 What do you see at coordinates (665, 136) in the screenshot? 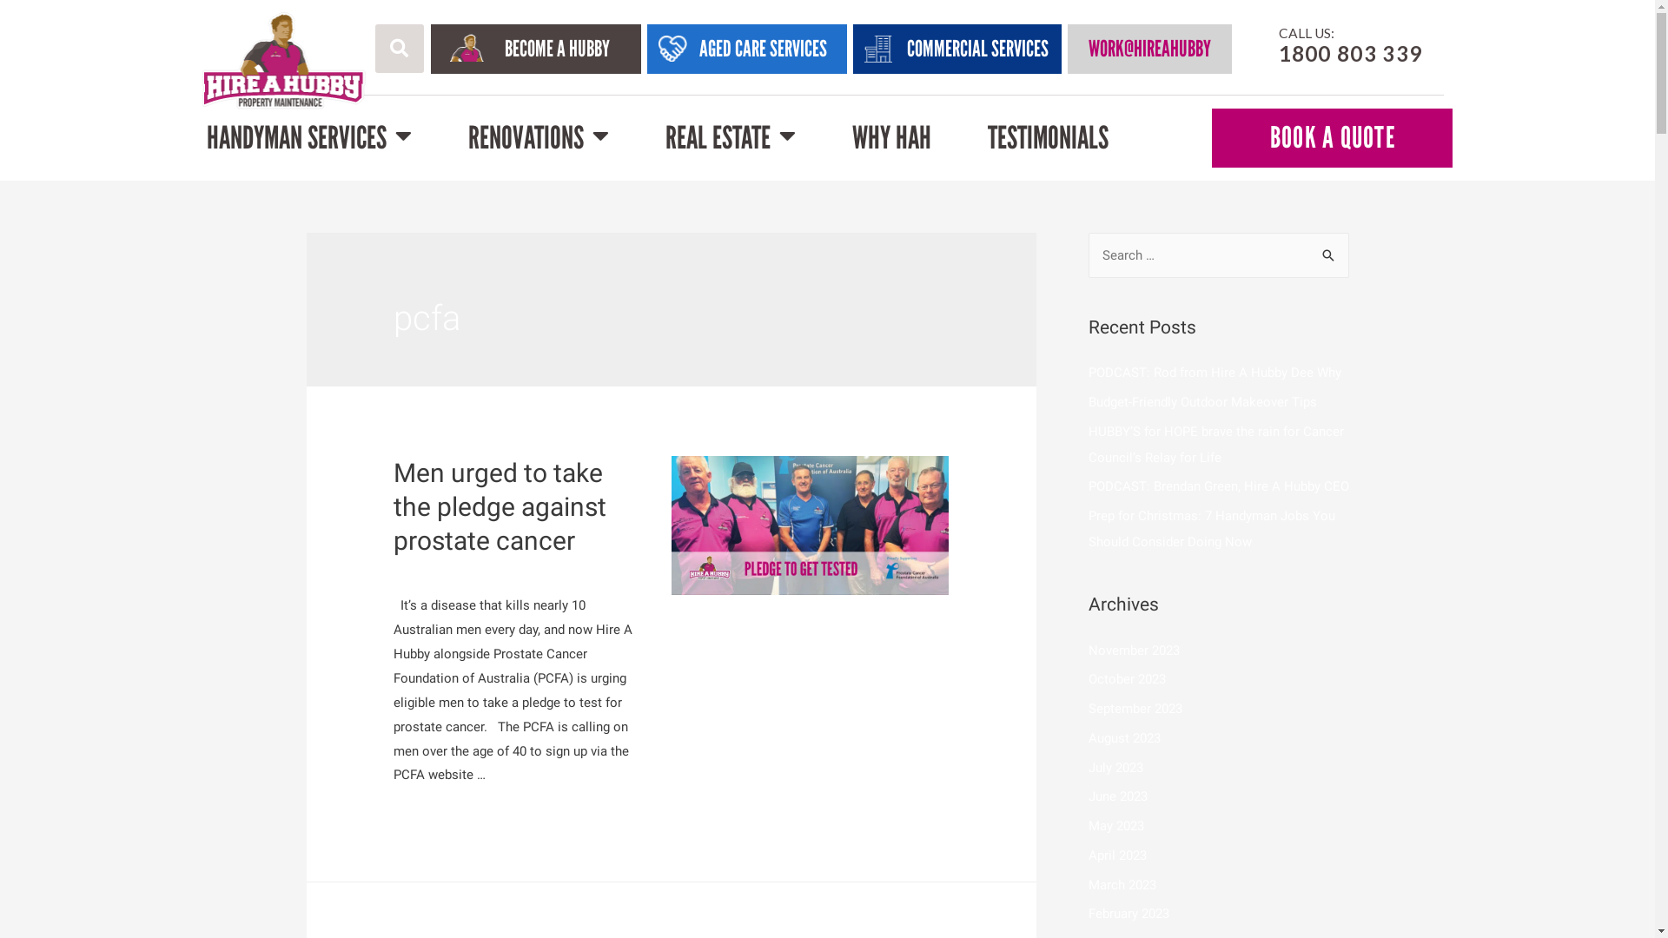
I see `'REAL ESTATE'` at bounding box center [665, 136].